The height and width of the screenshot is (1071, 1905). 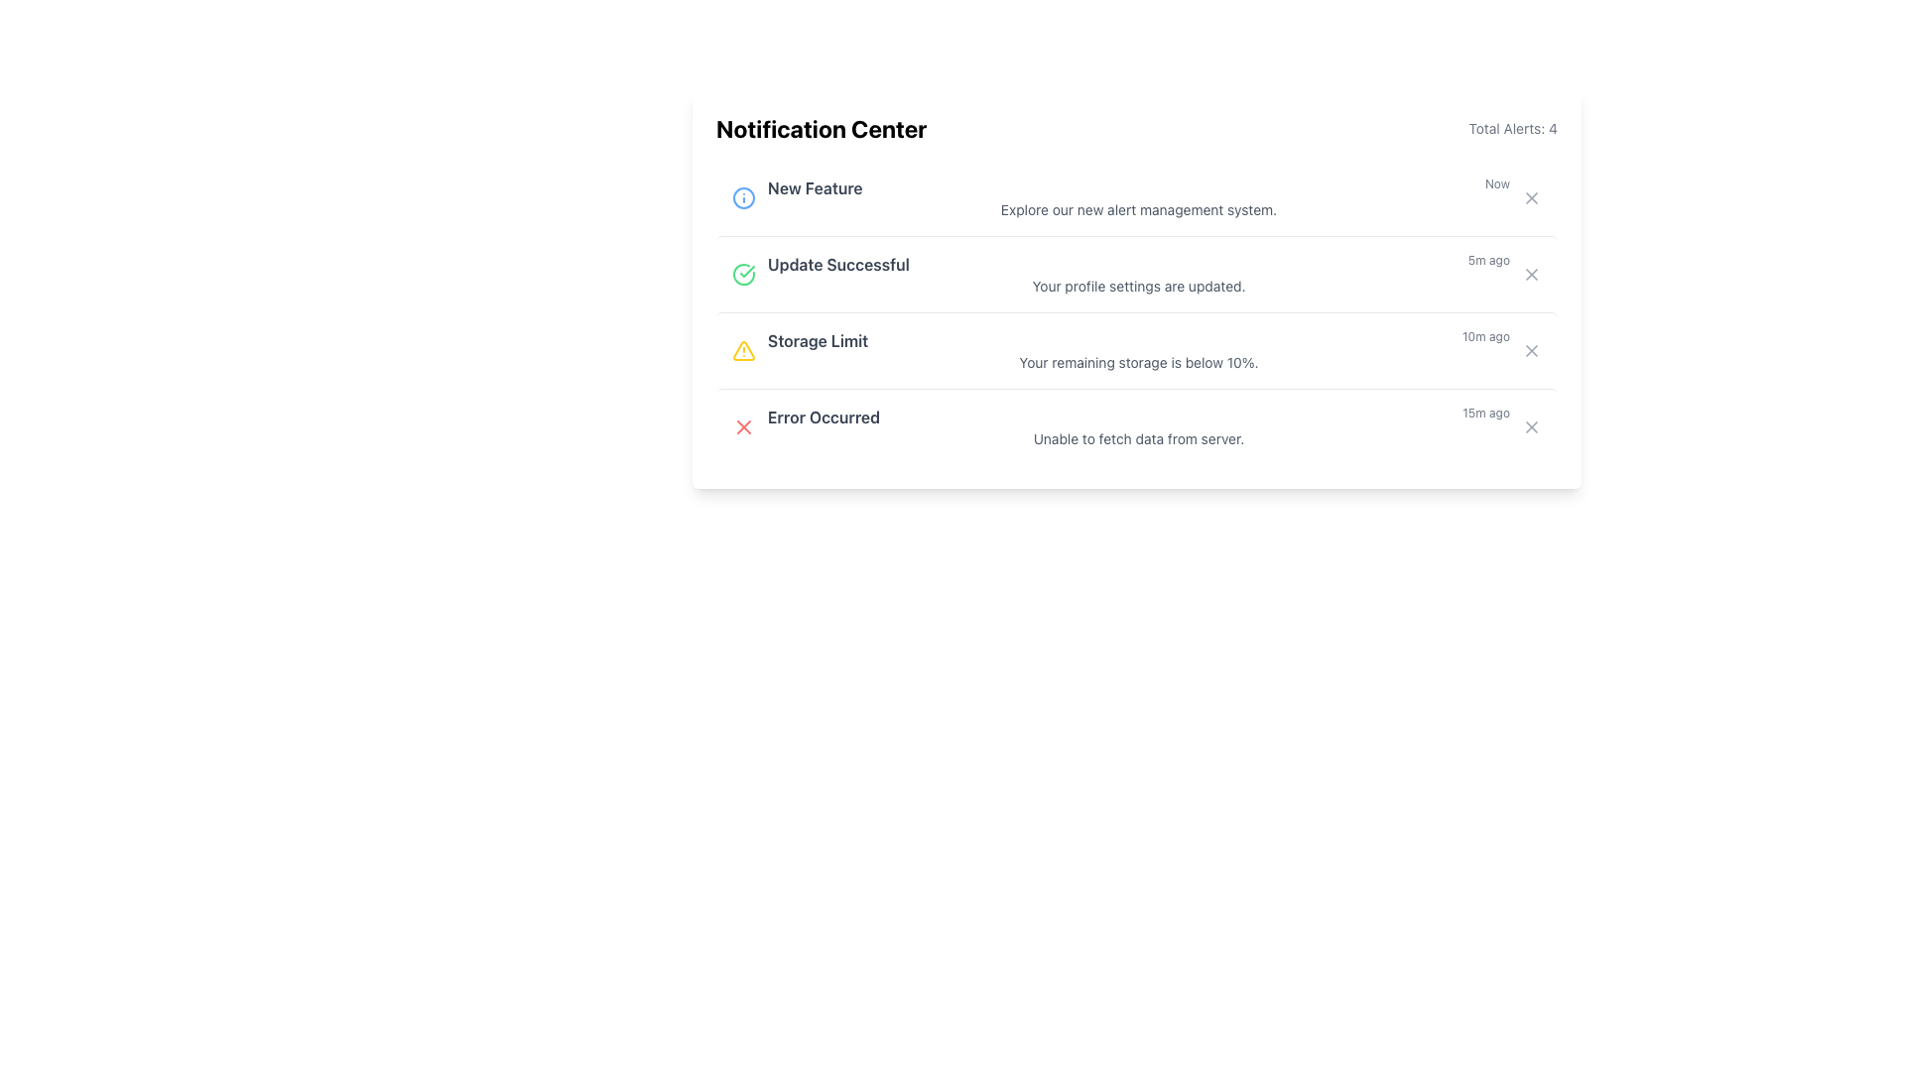 What do you see at coordinates (1531, 198) in the screenshot?
I see `the close icon located in the top-right corner of the alert notification interface, adjacent to the label 'Now'` at bounding box center [1531, 198].